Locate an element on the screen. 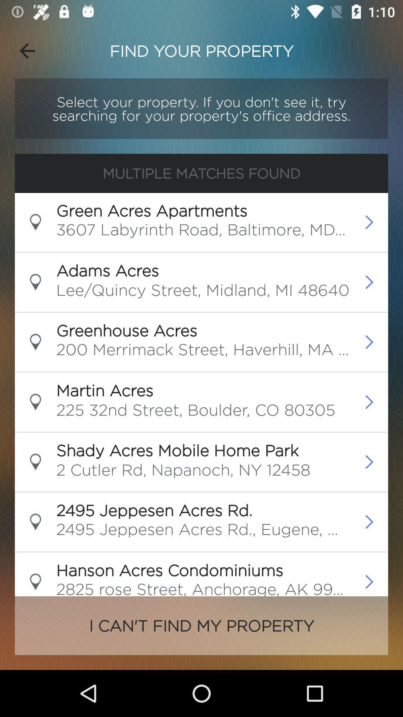  the icon above 2 cutler rd icon is located at coordinates (177, 450).